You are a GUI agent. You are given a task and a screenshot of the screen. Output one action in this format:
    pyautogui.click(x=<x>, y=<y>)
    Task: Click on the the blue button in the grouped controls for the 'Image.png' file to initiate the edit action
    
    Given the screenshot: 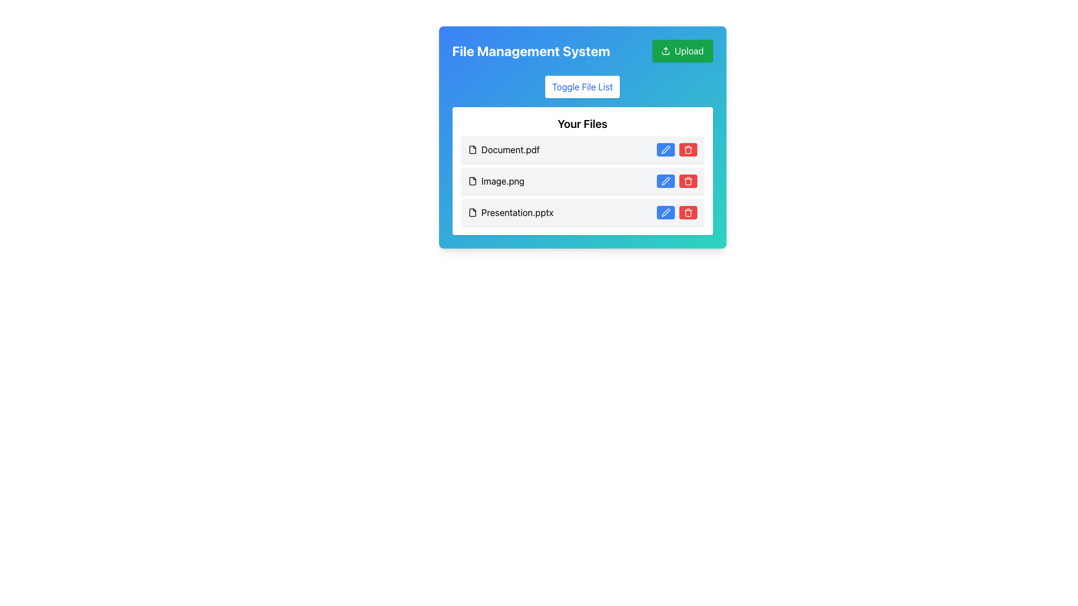 What is the action you would take?
    pyautogui.click(x=676, y=181)
    